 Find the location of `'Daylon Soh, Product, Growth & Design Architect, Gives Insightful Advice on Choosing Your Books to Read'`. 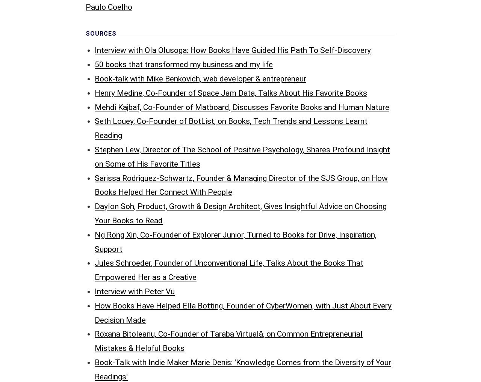

'Daylon Soh, Product, Growth & Design Architect, Gives Insightful Advice on Choosing Your Books to Read' is located at coordinates (240, 57).